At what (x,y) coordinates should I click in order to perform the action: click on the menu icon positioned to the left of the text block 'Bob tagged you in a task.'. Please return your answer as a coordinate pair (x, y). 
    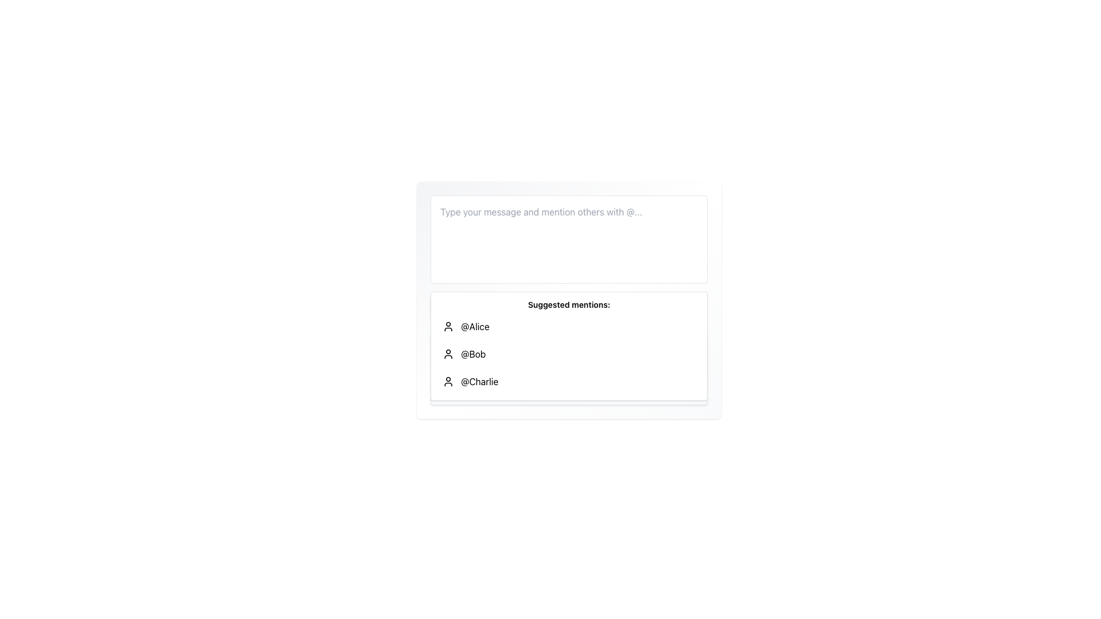
    Looking at the image, I should click on (445, 389).